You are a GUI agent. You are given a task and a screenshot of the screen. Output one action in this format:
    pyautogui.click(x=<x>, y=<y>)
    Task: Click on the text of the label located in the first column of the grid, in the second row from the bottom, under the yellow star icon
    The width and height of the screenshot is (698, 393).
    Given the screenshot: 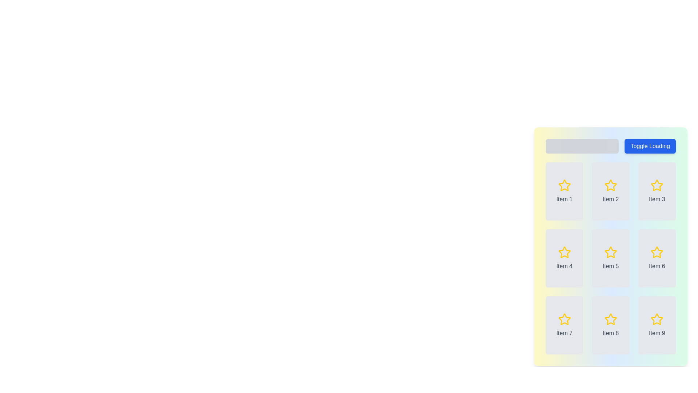 What is the action you would take?
    pyautogui.click(x=564, y=333)
    